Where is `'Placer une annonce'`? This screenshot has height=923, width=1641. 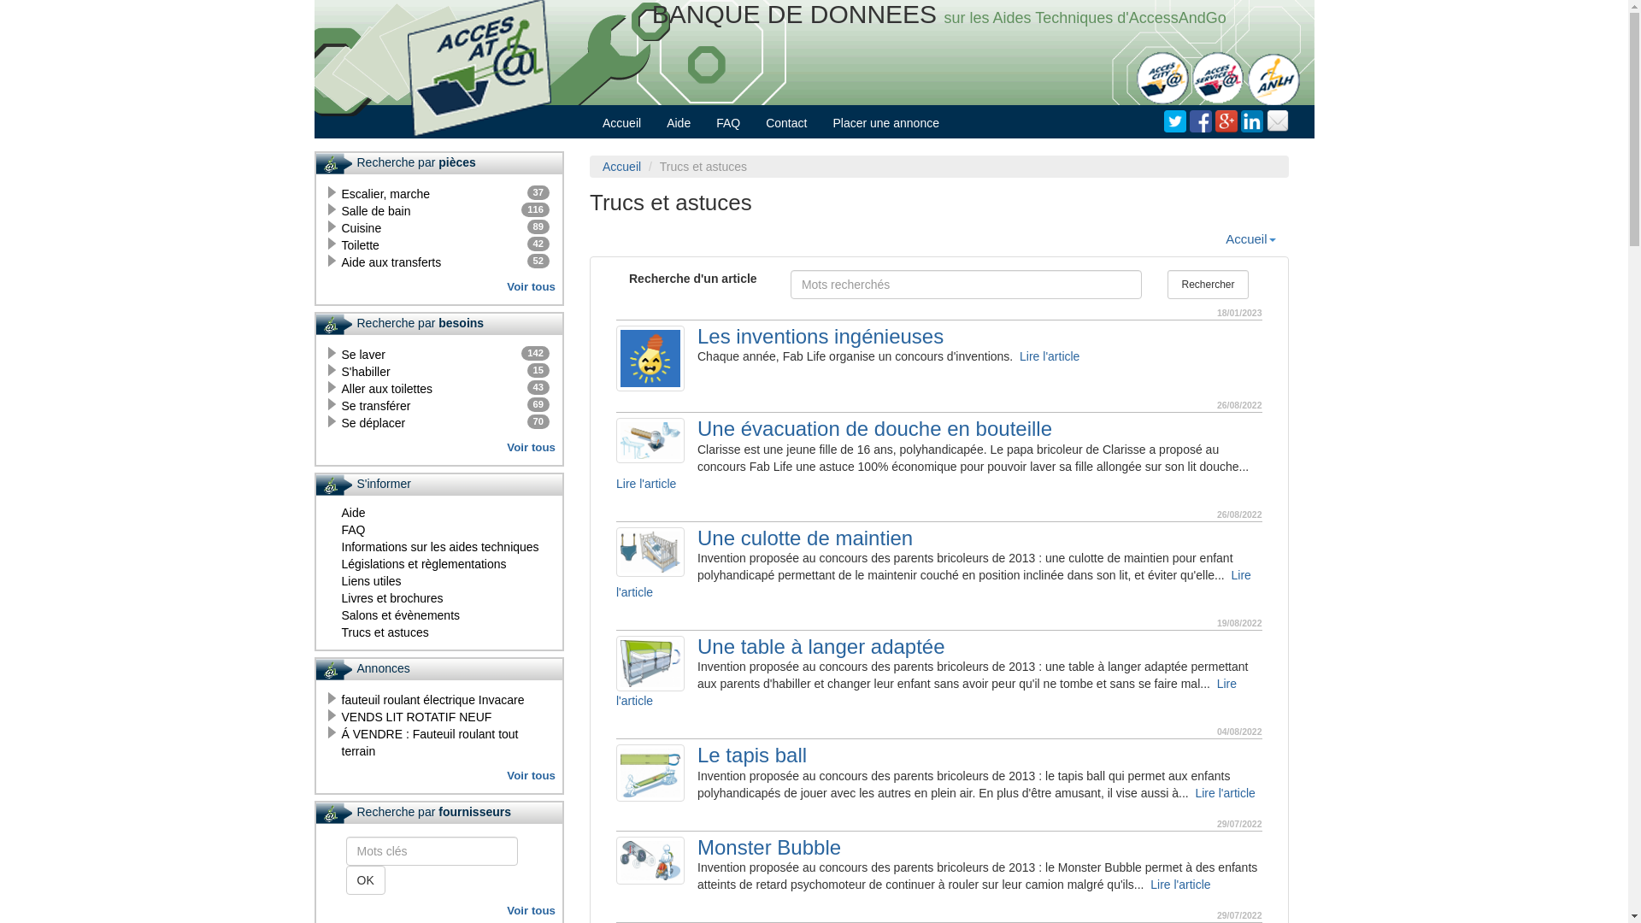 'Placer une annonce' is located at coordinates (885, 121).